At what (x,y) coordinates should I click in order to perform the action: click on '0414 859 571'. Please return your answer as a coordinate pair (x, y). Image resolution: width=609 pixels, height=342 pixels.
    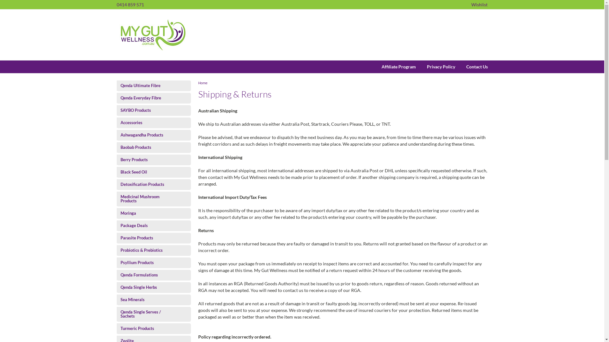
    Looking at the image, I should click on (130, 4).